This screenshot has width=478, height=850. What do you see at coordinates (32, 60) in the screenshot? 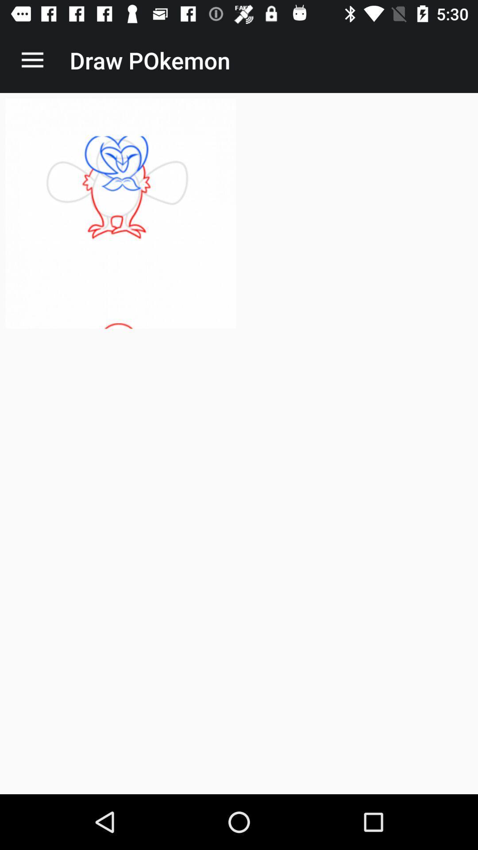
I see `app next to the draw pokemon app` at bounding box center [32, 60].